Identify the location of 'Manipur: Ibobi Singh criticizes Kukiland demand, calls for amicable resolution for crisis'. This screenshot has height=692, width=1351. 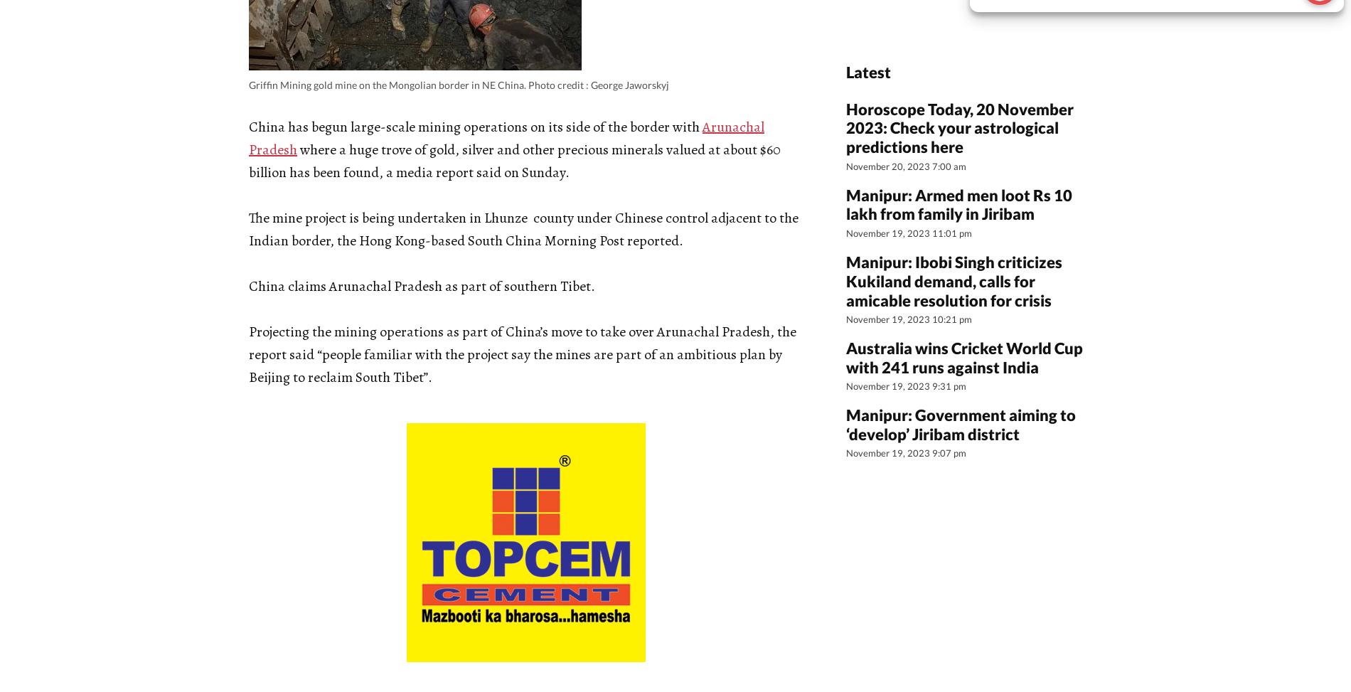
(953, 280).